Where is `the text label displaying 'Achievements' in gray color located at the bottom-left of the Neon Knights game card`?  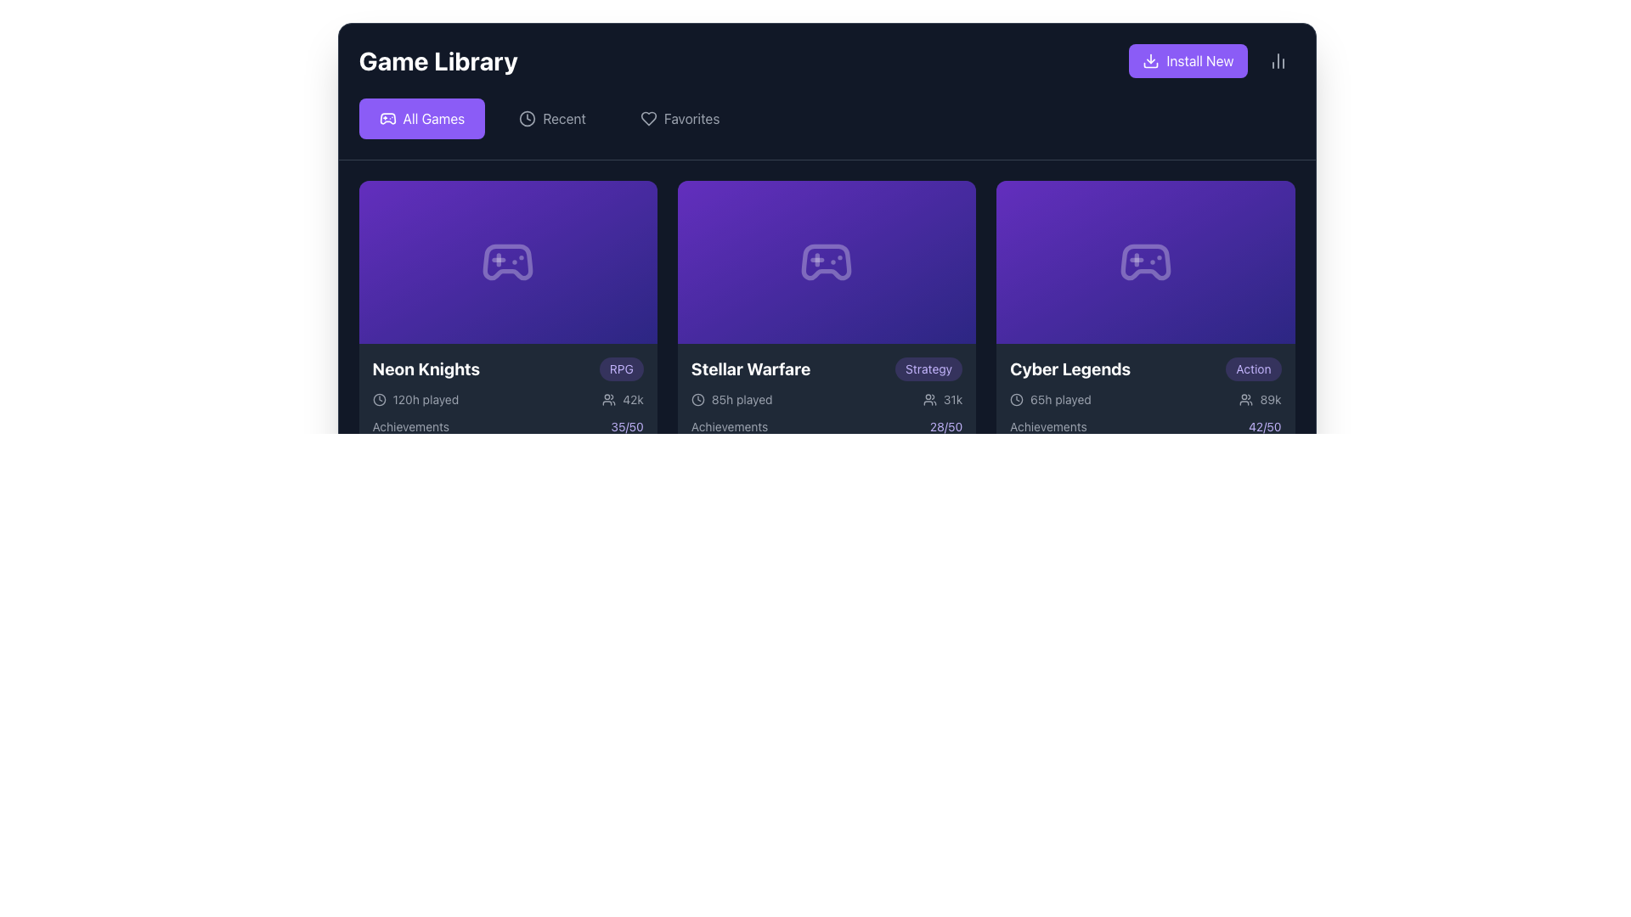 the text label displaying 'Achievements' in gray color located at the bottom-left of the Neon Knights game card is located at coordinates (410, 425).